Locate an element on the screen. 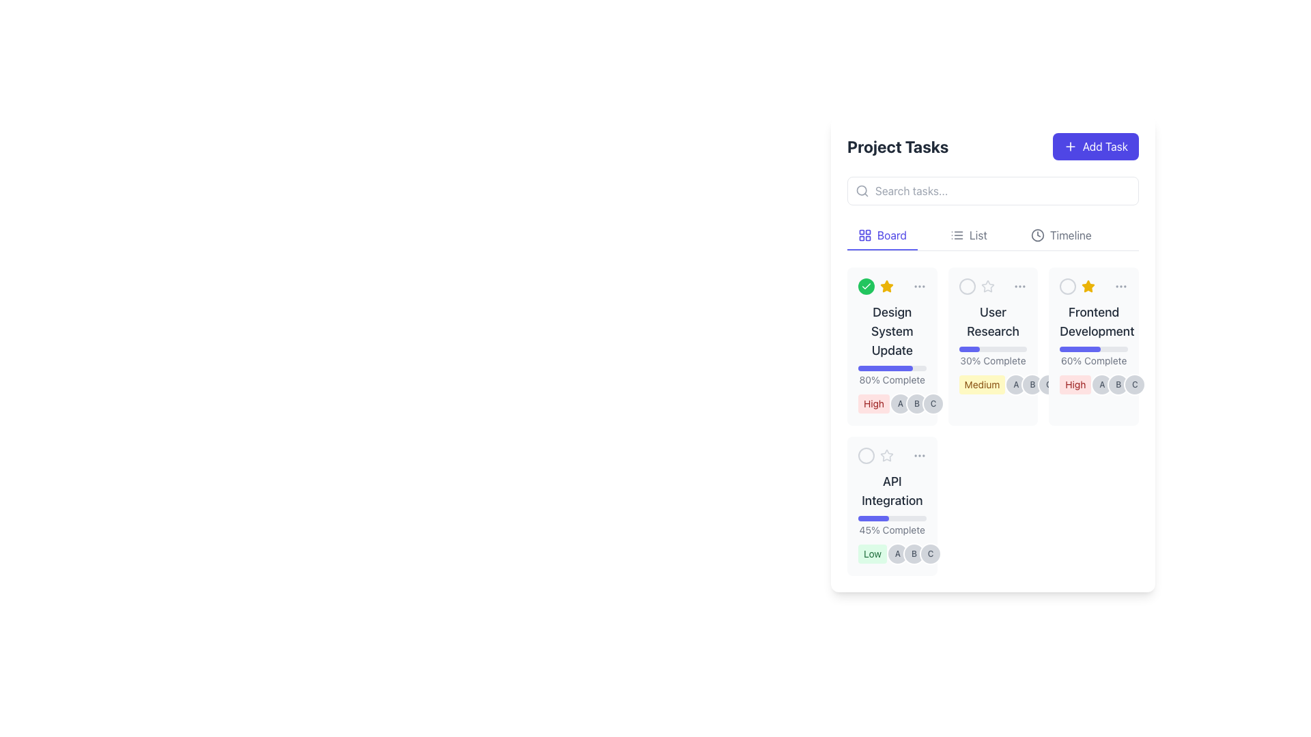 The width and height of the screenshot is (1311, 737). the grid layout indicator icon located to the left of the 'Board' text in the navigation menu, which serves as a visual indicator for the 'Board' tab is located at coordinates (864, 234).